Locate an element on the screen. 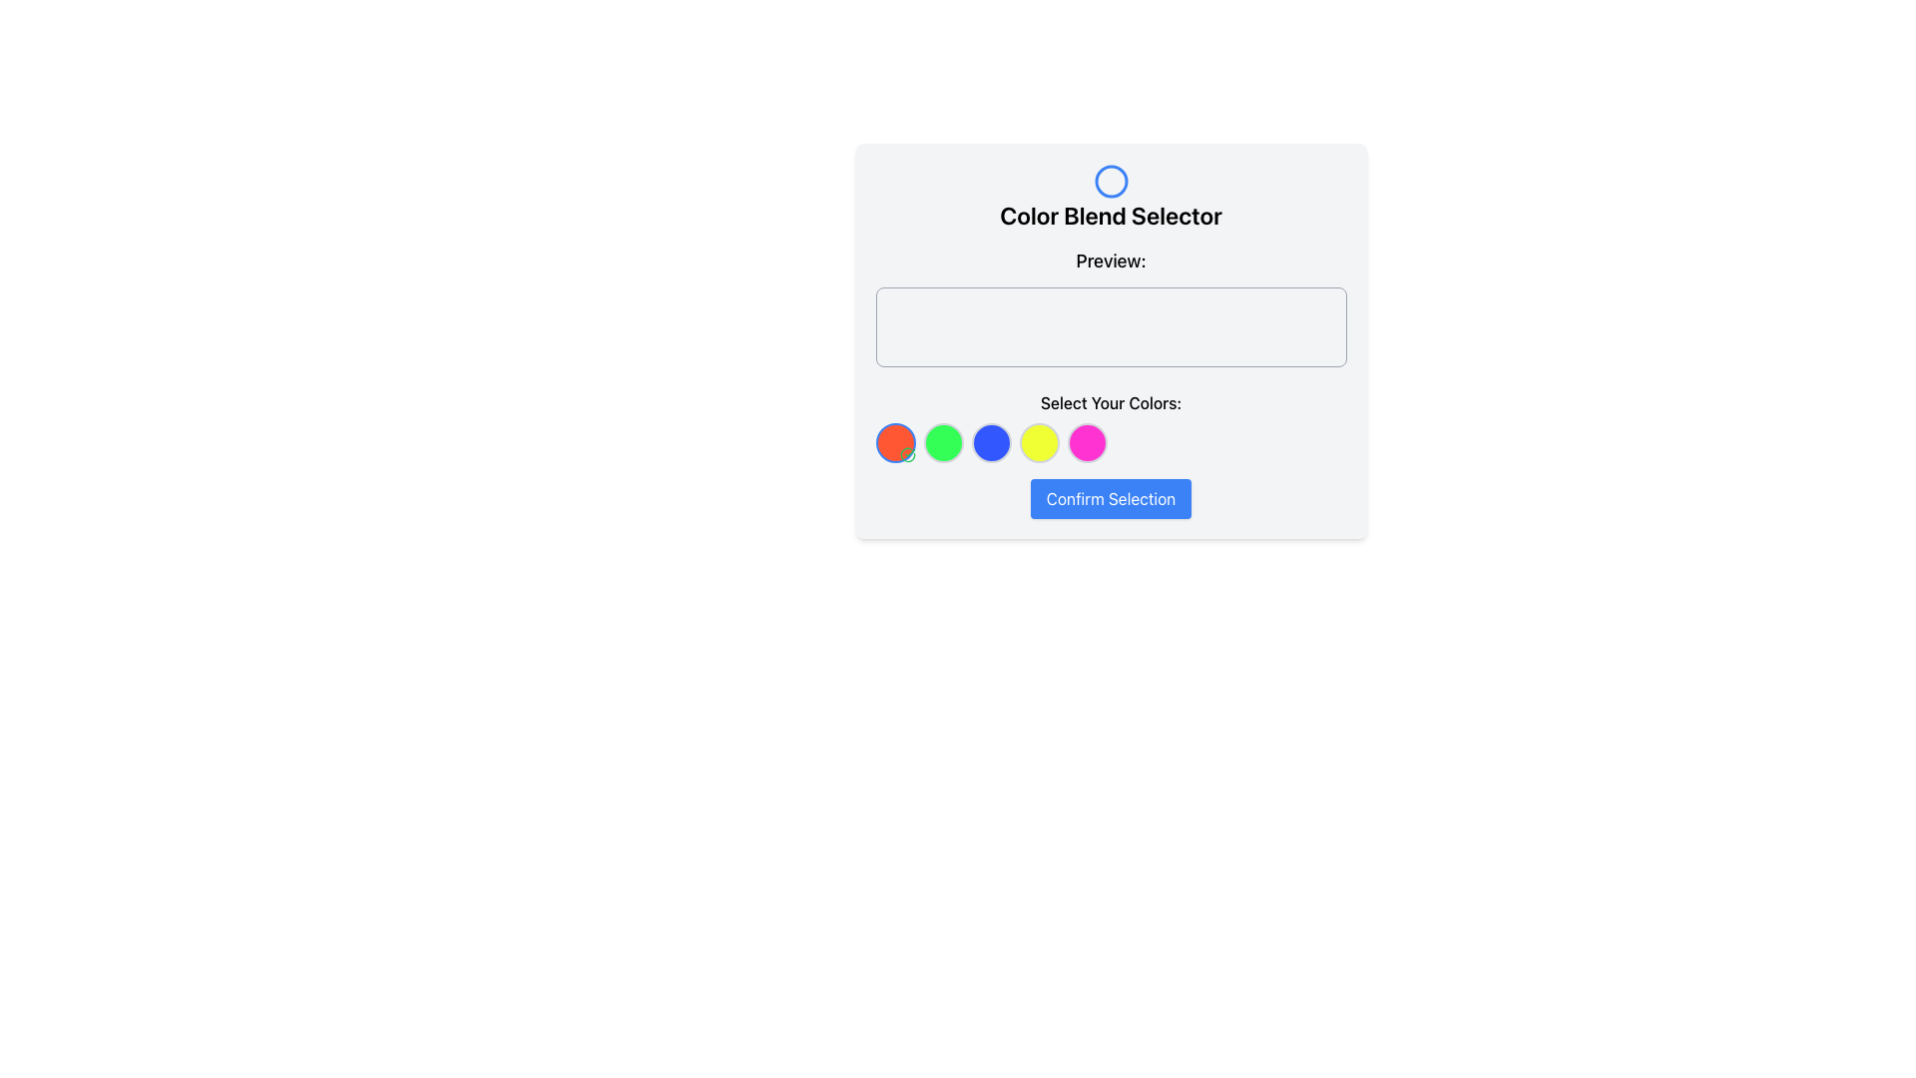 This screenshot has height=1078, width=1916. the circular icon with a blue border located at the top section above the text 'Color Blend Selector' is located at coordinates (1110, 181).